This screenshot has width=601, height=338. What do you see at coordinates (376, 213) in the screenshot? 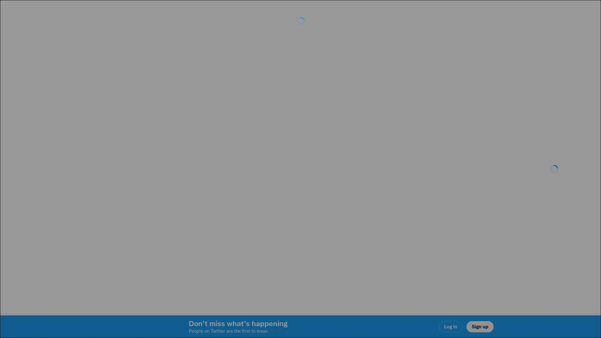
I see `Log in` at bounding box center [376, 213].